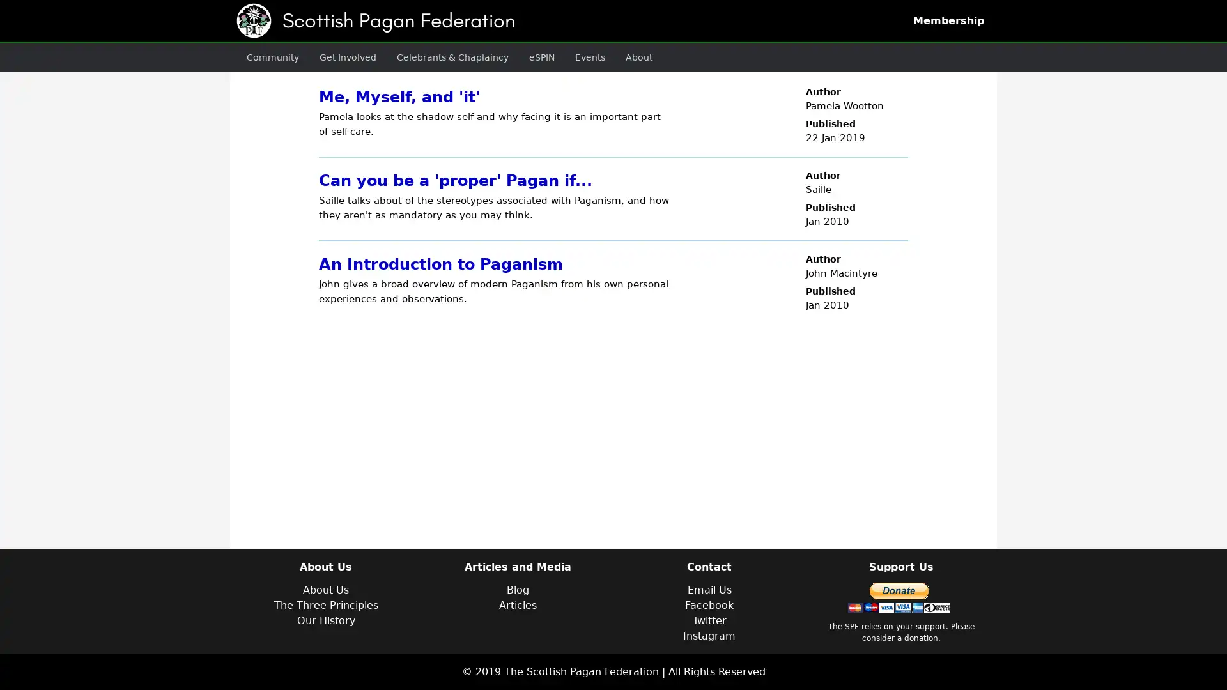 The image size is (1227, 690). I want to click on Community, so click(269, 56).